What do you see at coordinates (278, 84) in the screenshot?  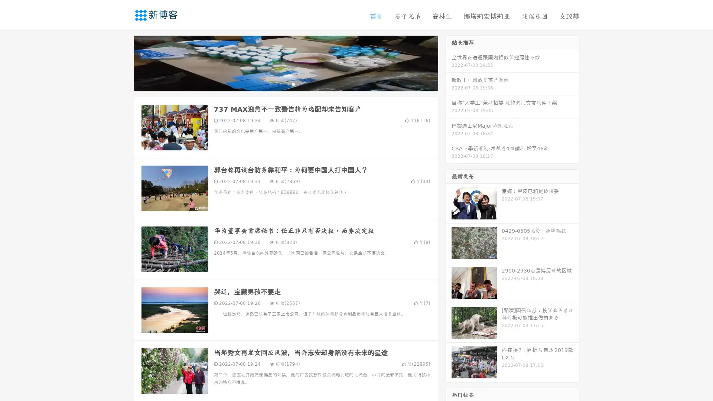 I see `Go to slide 1` at bounding box center [278, 84].